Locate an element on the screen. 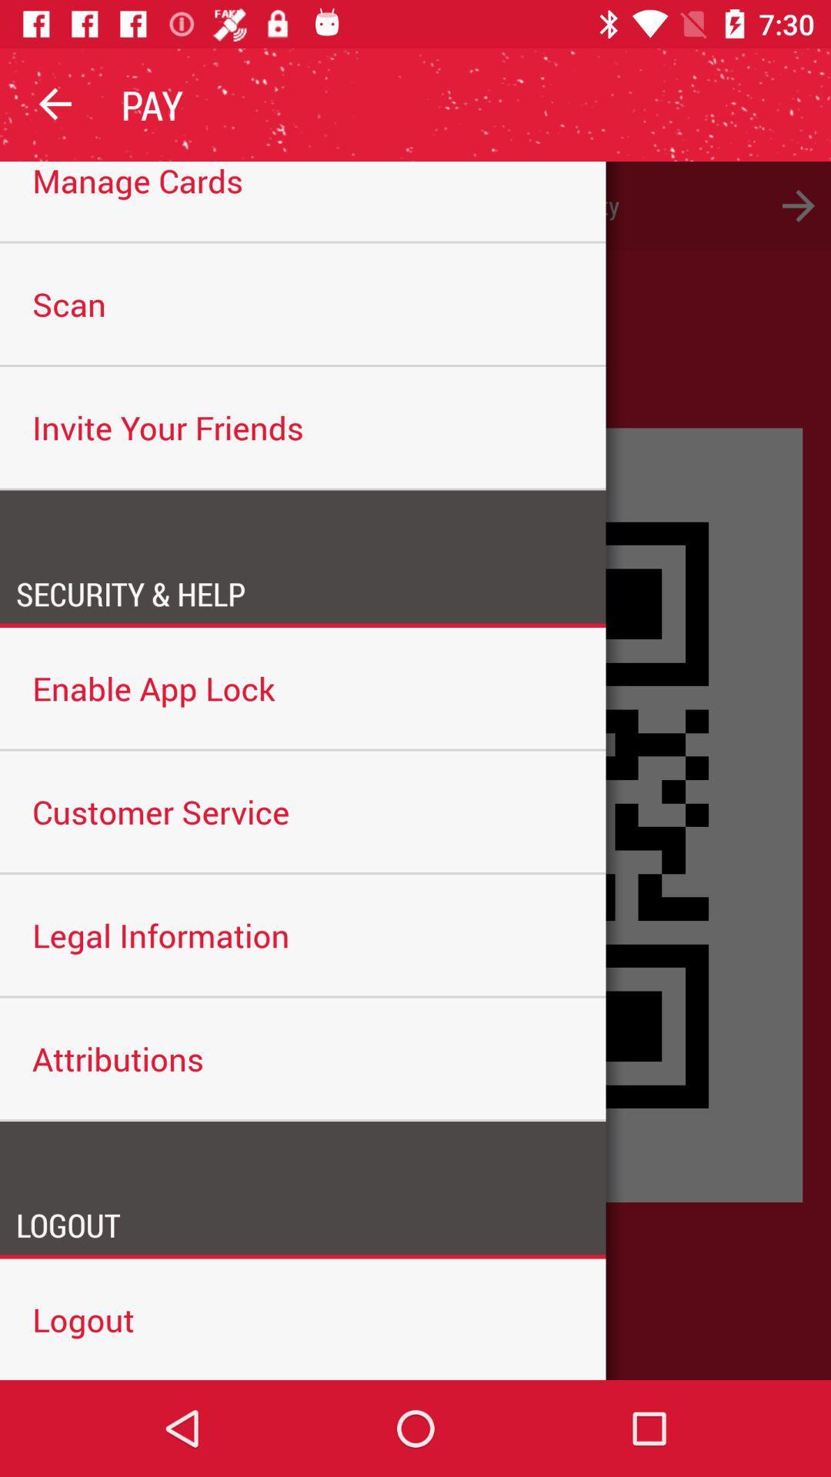 Image resolution: width=831 pixels, height=1477 pixels. the customer service item is located at coordinates (302, 811).